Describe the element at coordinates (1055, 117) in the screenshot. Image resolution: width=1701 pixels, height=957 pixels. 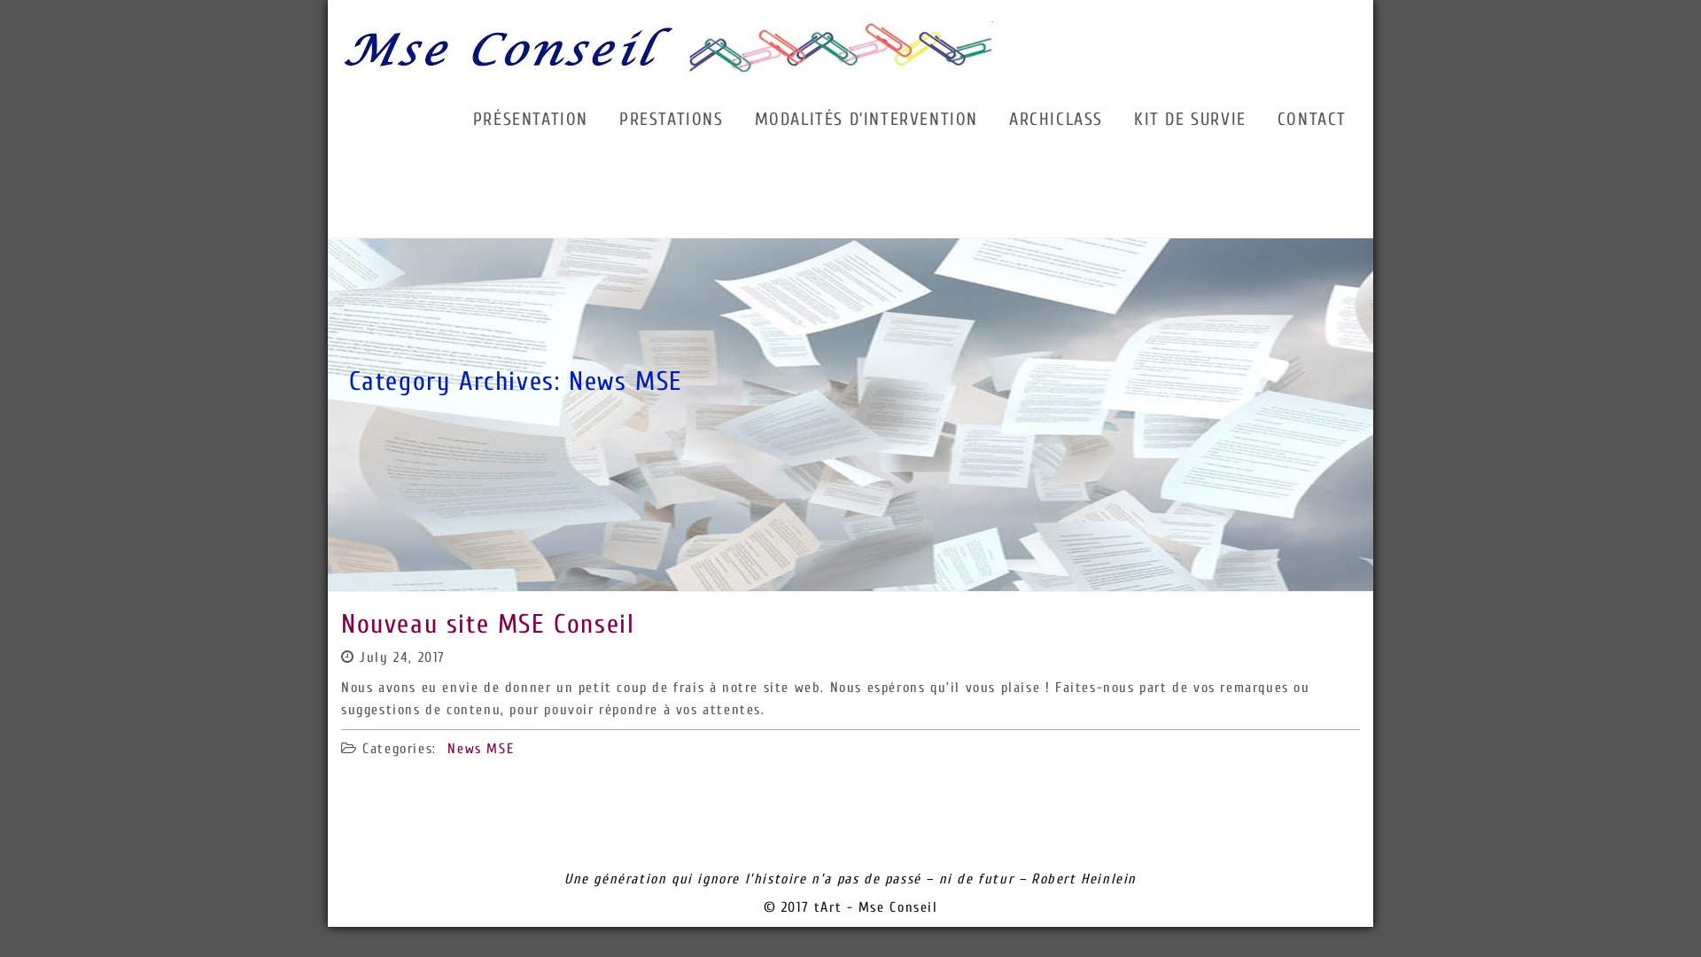
I see `'ARCHICLASS'` at that location.